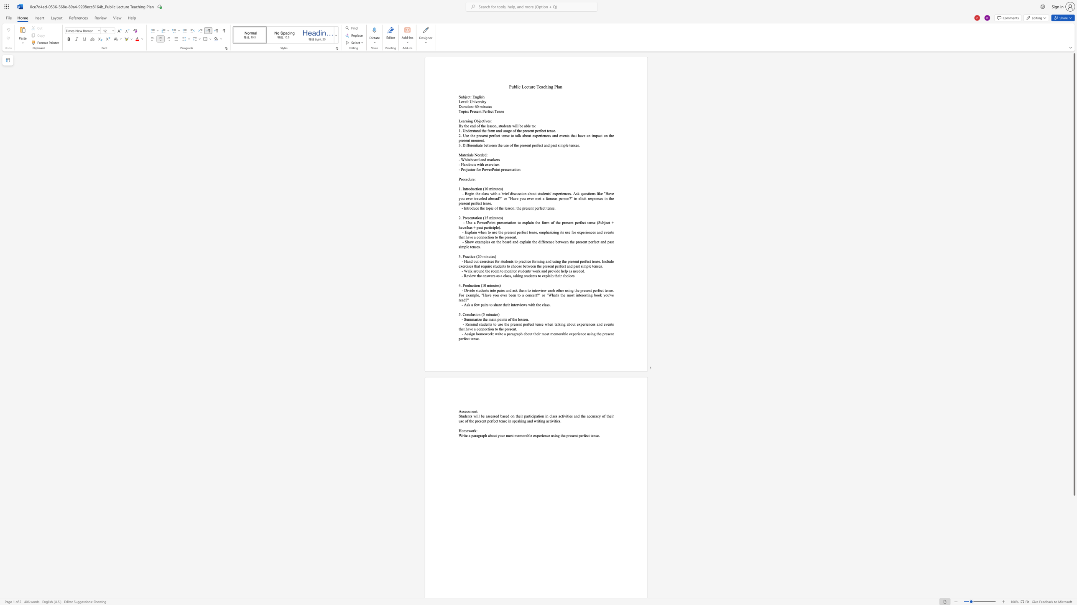  What do you see at coordinates (1074, 568) in the screenshot?
I see `the vertical scrollbar to lower the page content` at bounding box center [1074, 568].